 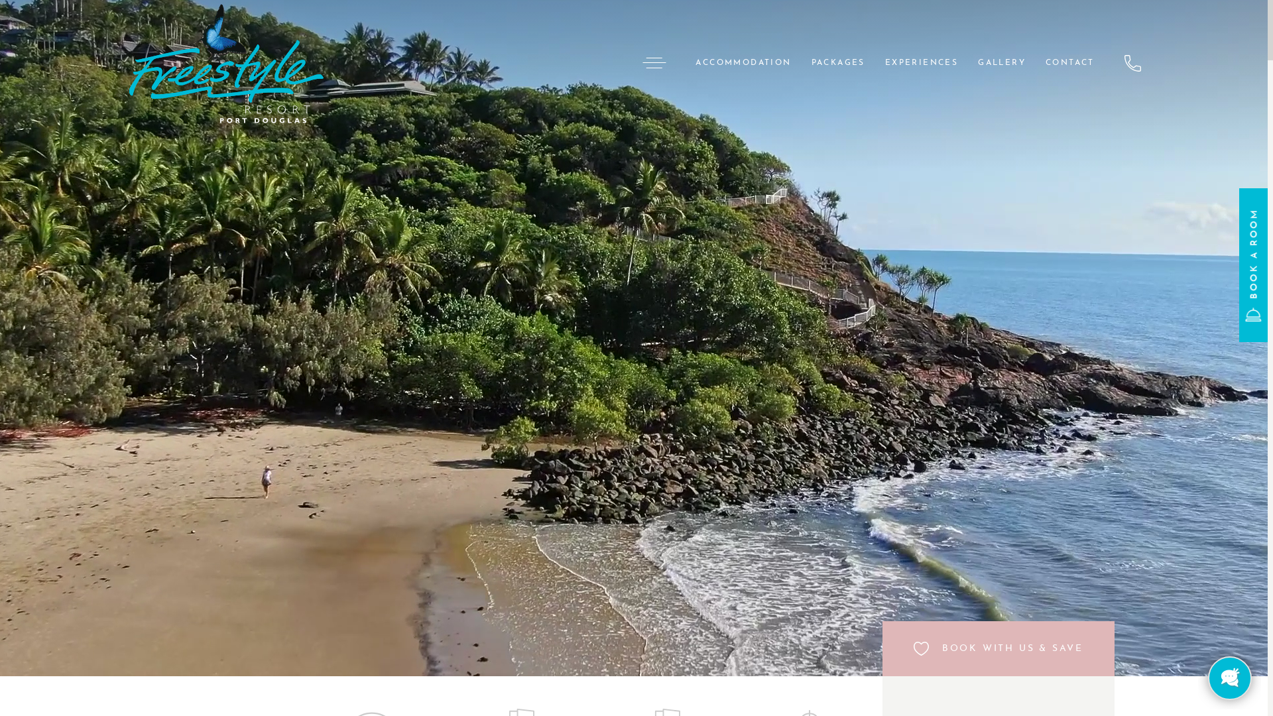 I want to click on 'PACKAGES', so click(x=801, y=63).